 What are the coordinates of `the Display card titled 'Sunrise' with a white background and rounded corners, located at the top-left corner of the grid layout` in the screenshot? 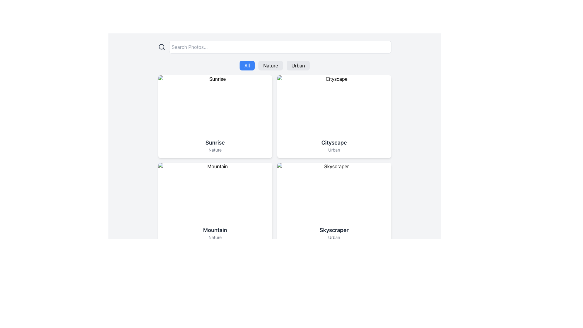 It's located at (215, 117).